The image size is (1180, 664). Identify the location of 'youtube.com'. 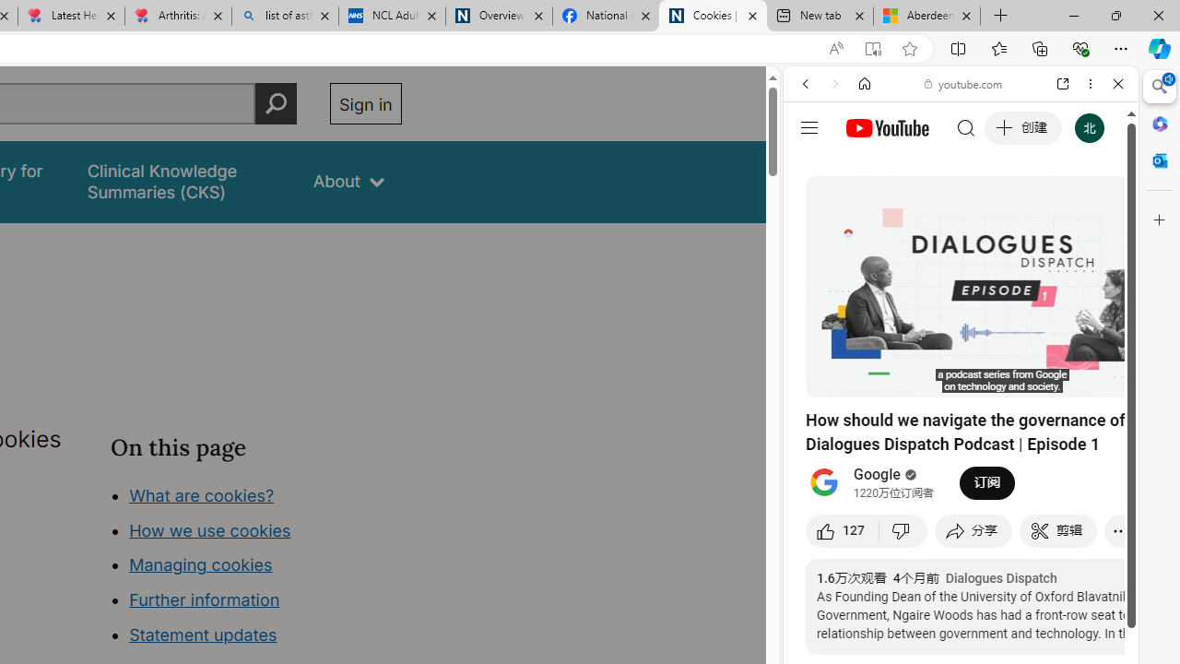
(963, 84).